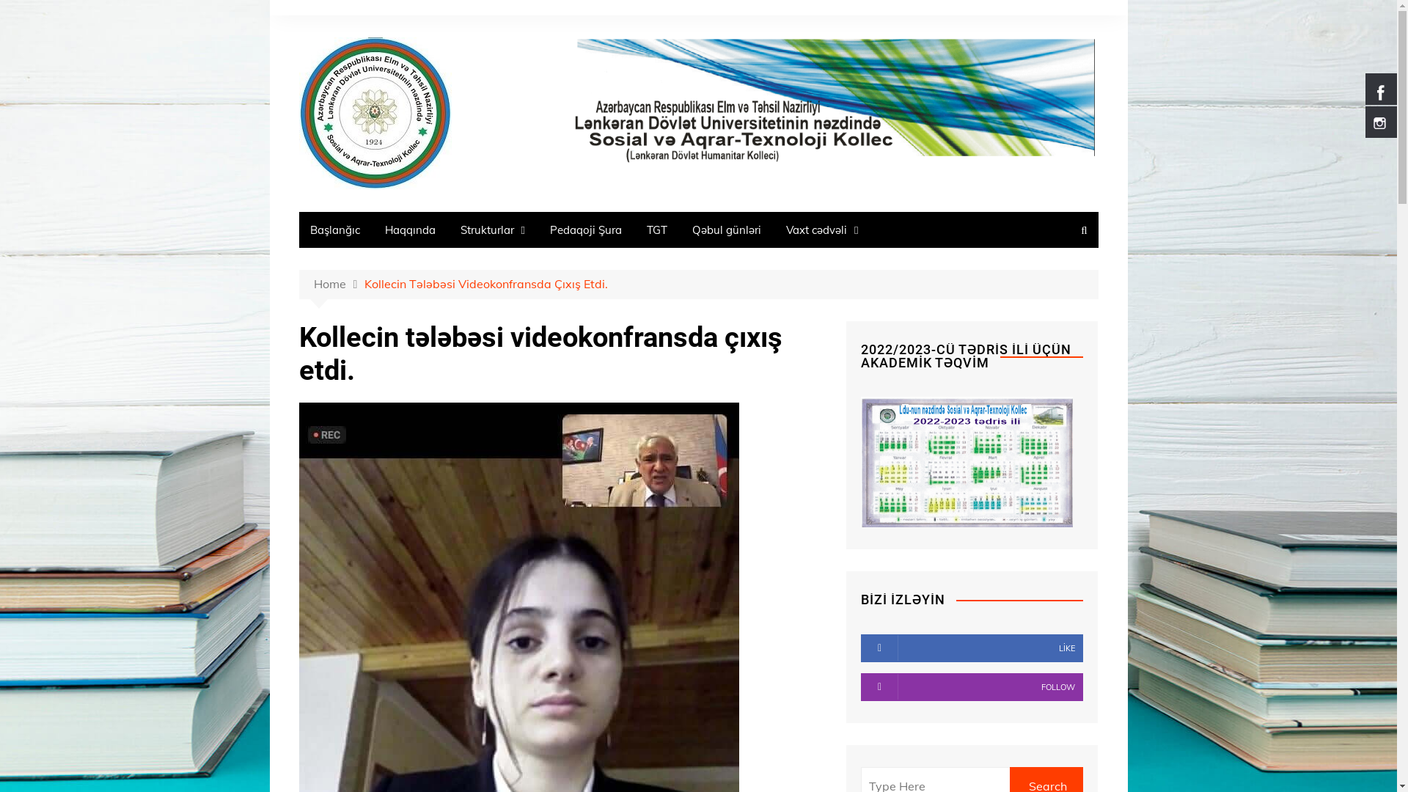 The image size is (1408, 792). Describe the element at coordinates (972, 687) in the screenshot. I see `'FOLLOW'` at that location.